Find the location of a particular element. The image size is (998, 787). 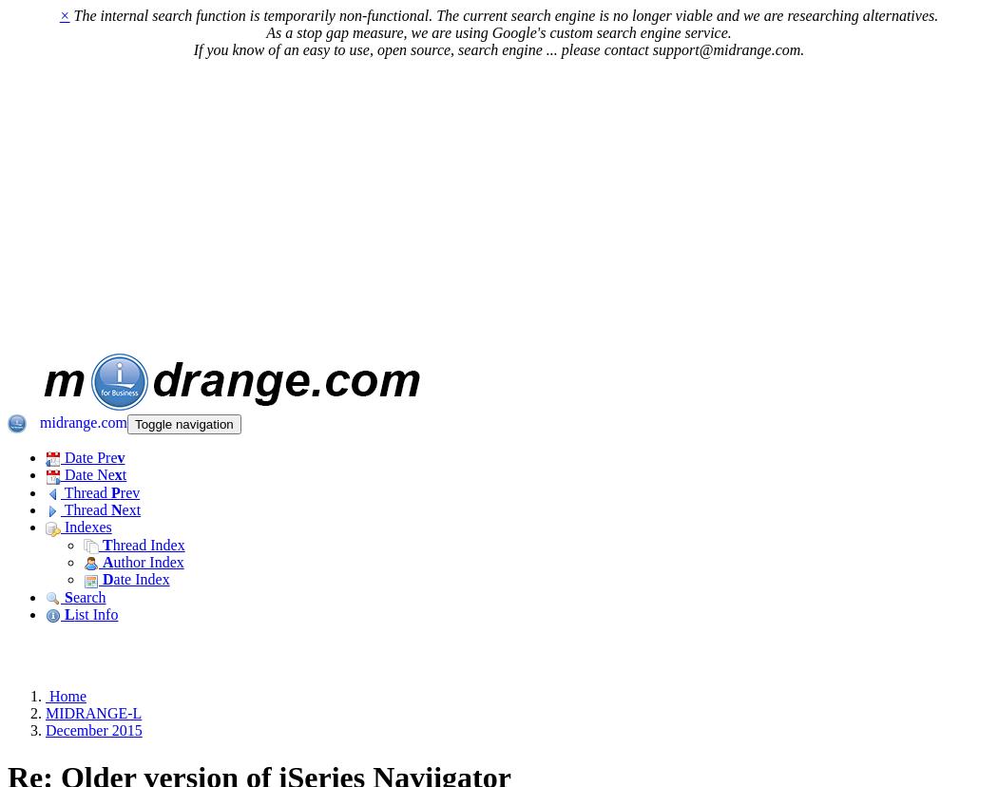

'uthor Index' is located at coordinates (148, 560).